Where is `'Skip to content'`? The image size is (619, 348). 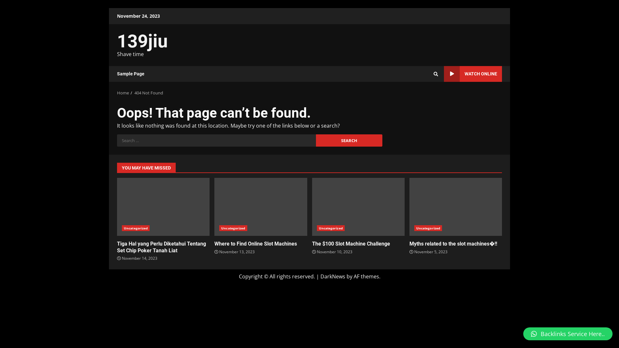 'Skip to content' is located at coordinates (109, 8).